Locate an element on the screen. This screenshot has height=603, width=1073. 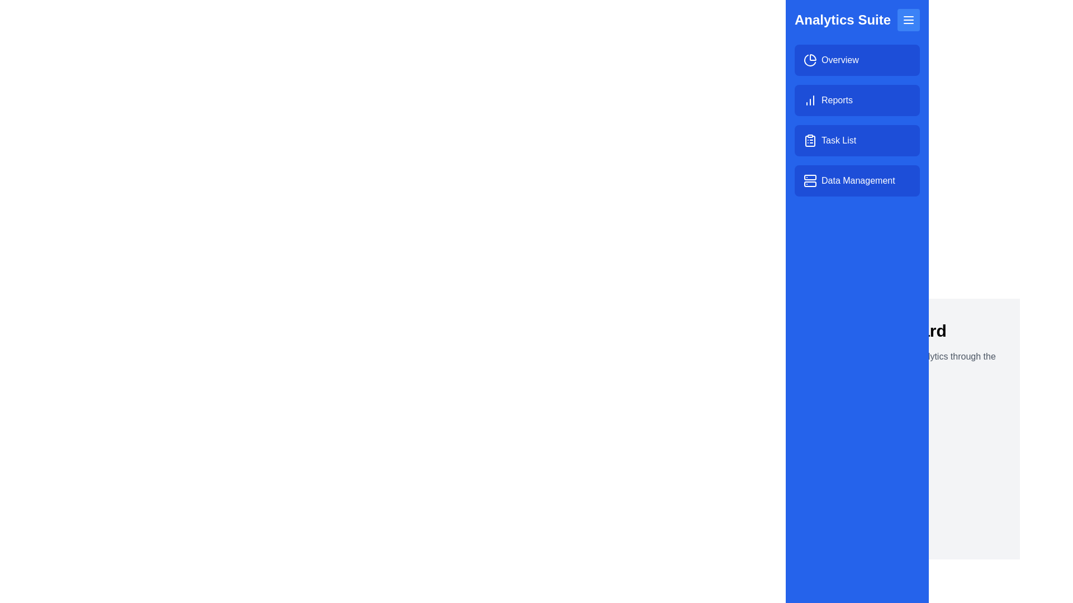
the menu item labeled Overview is located at coordinates (857, 60).